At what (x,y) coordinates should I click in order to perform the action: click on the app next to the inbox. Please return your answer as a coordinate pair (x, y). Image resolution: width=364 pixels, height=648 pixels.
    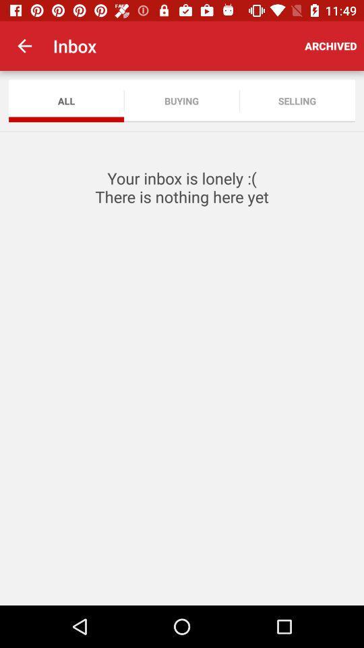
    Looking at the image, I should click on (24, 46).